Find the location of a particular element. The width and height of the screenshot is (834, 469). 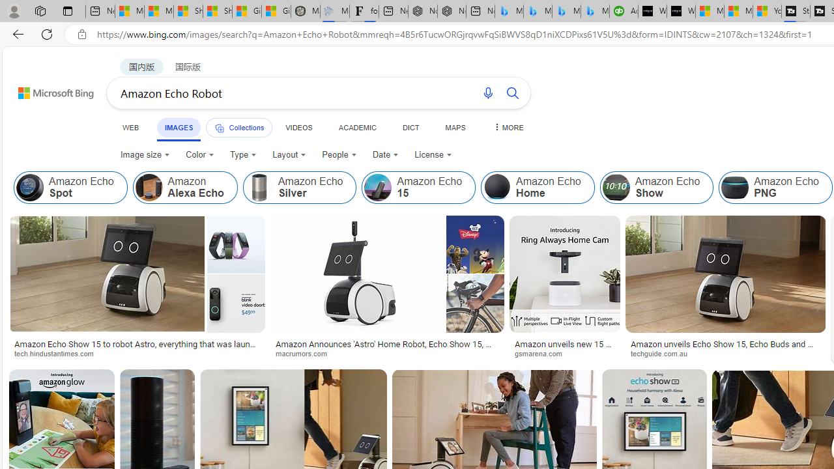

'macrumors.com' is located at coordinates (305, 353).